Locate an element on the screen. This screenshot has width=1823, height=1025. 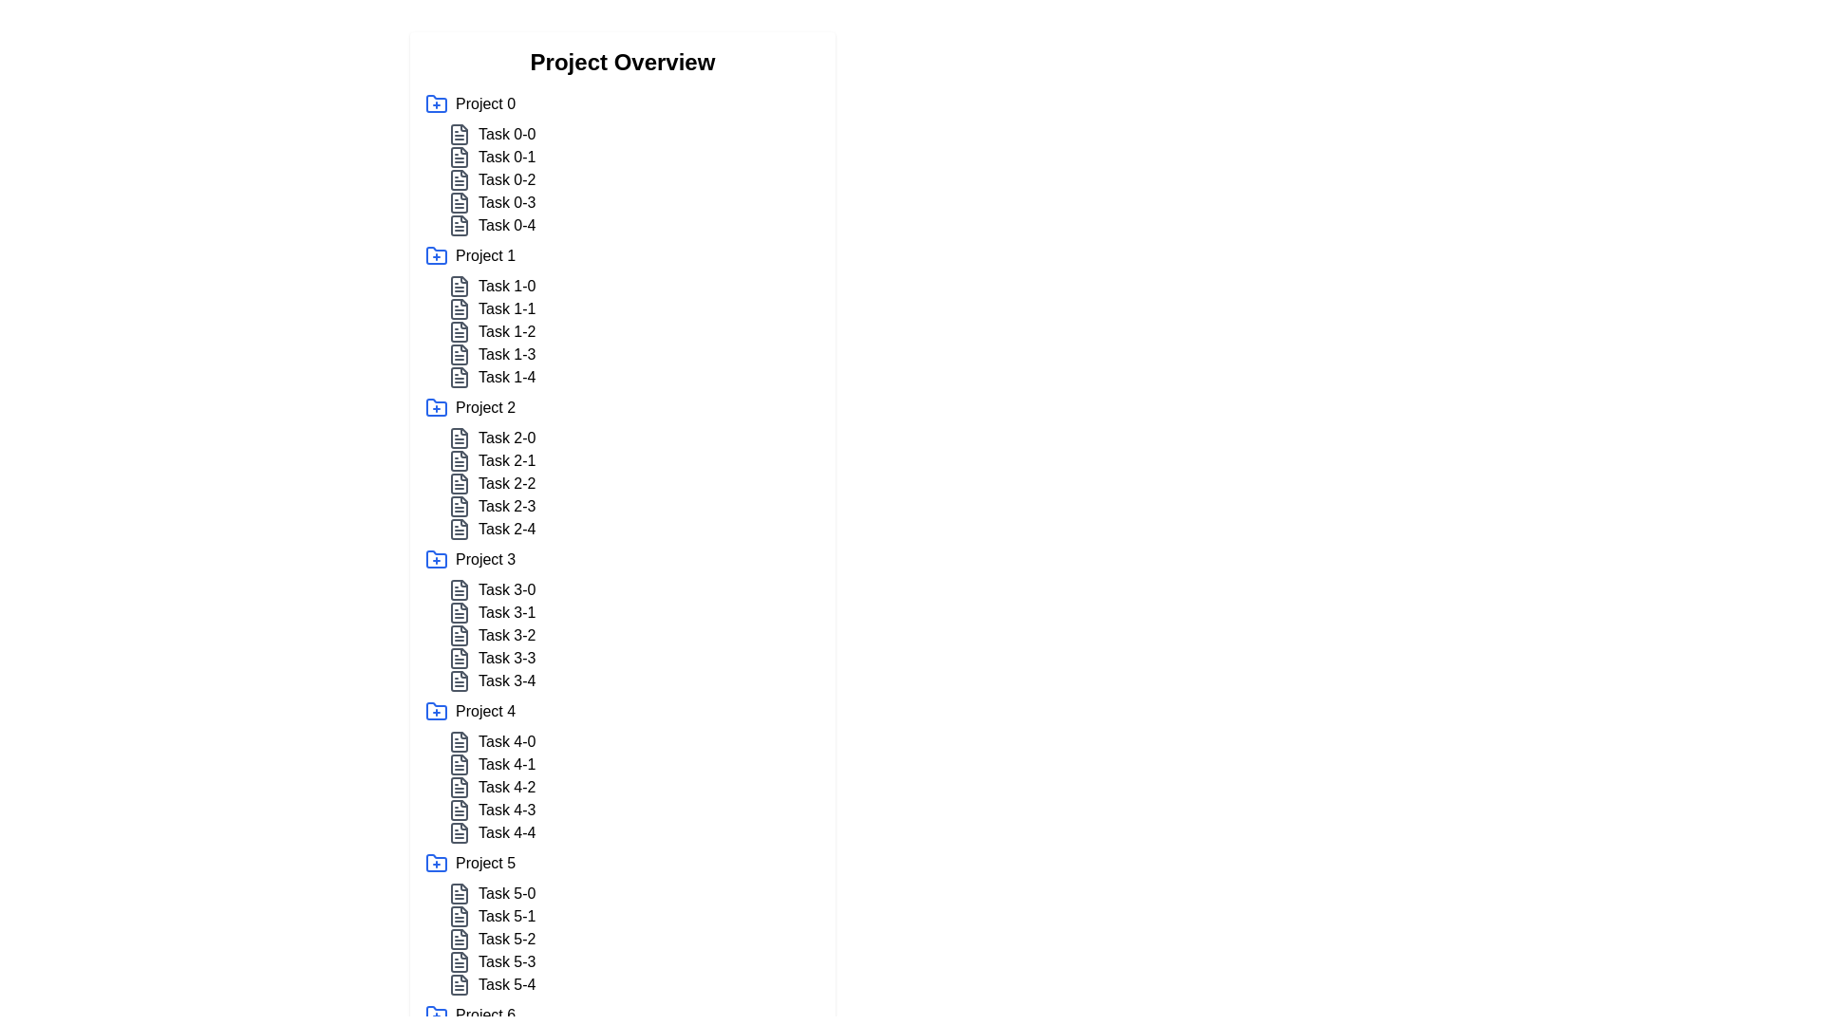
the document icon associated with 'Task 1-0' under 'Project 1', which is styled in a minimalist gray design is located at coordinates (460, 286).